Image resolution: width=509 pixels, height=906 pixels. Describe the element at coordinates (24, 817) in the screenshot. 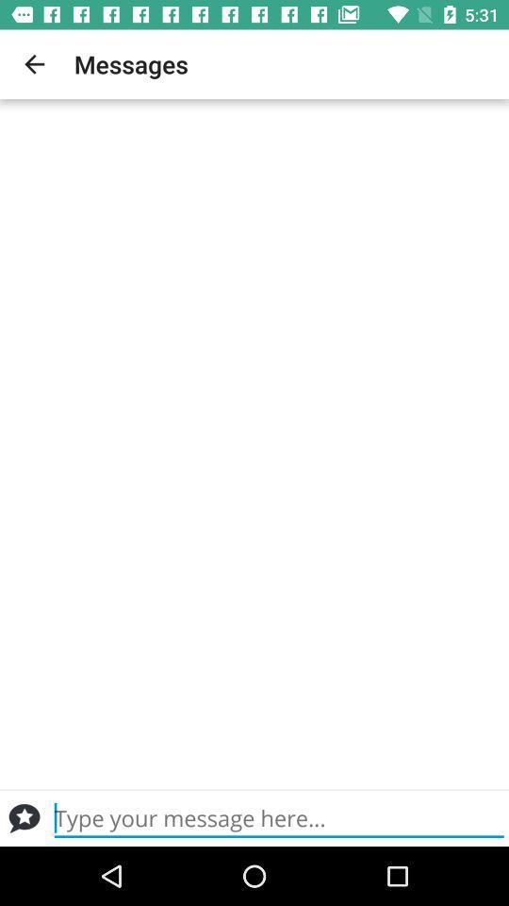

I see `send a message` at that location.